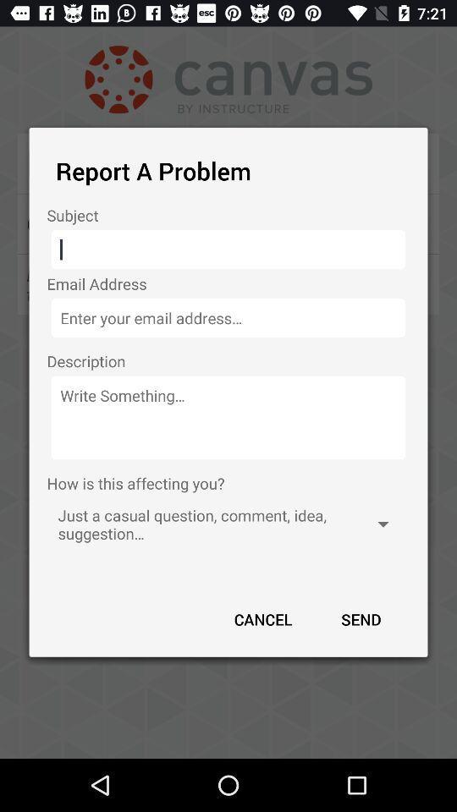 The image size is (457, 812). Describe the element at coordinates (228, 417) in the screenshot. I see `type text` at that location.